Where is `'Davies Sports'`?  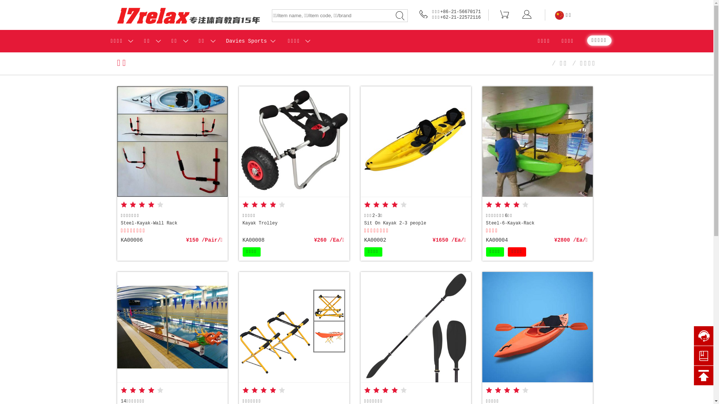
'Davies Sports' is located at coordinates (246, 41).